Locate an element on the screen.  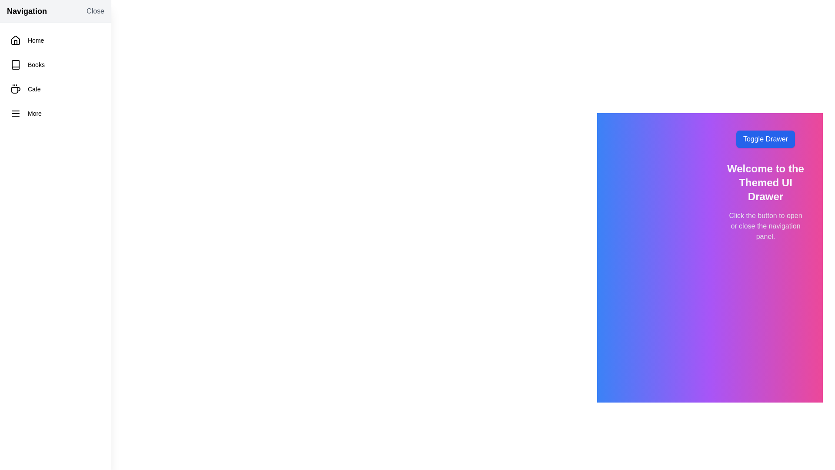
the navigation item labeled 'Books' is located at coordinates (55, 64).